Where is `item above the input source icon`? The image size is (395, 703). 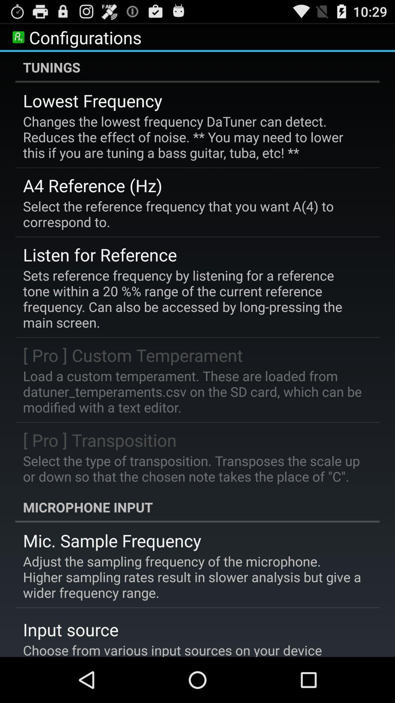
item above the input source icon is located at coordinates (192, 576).